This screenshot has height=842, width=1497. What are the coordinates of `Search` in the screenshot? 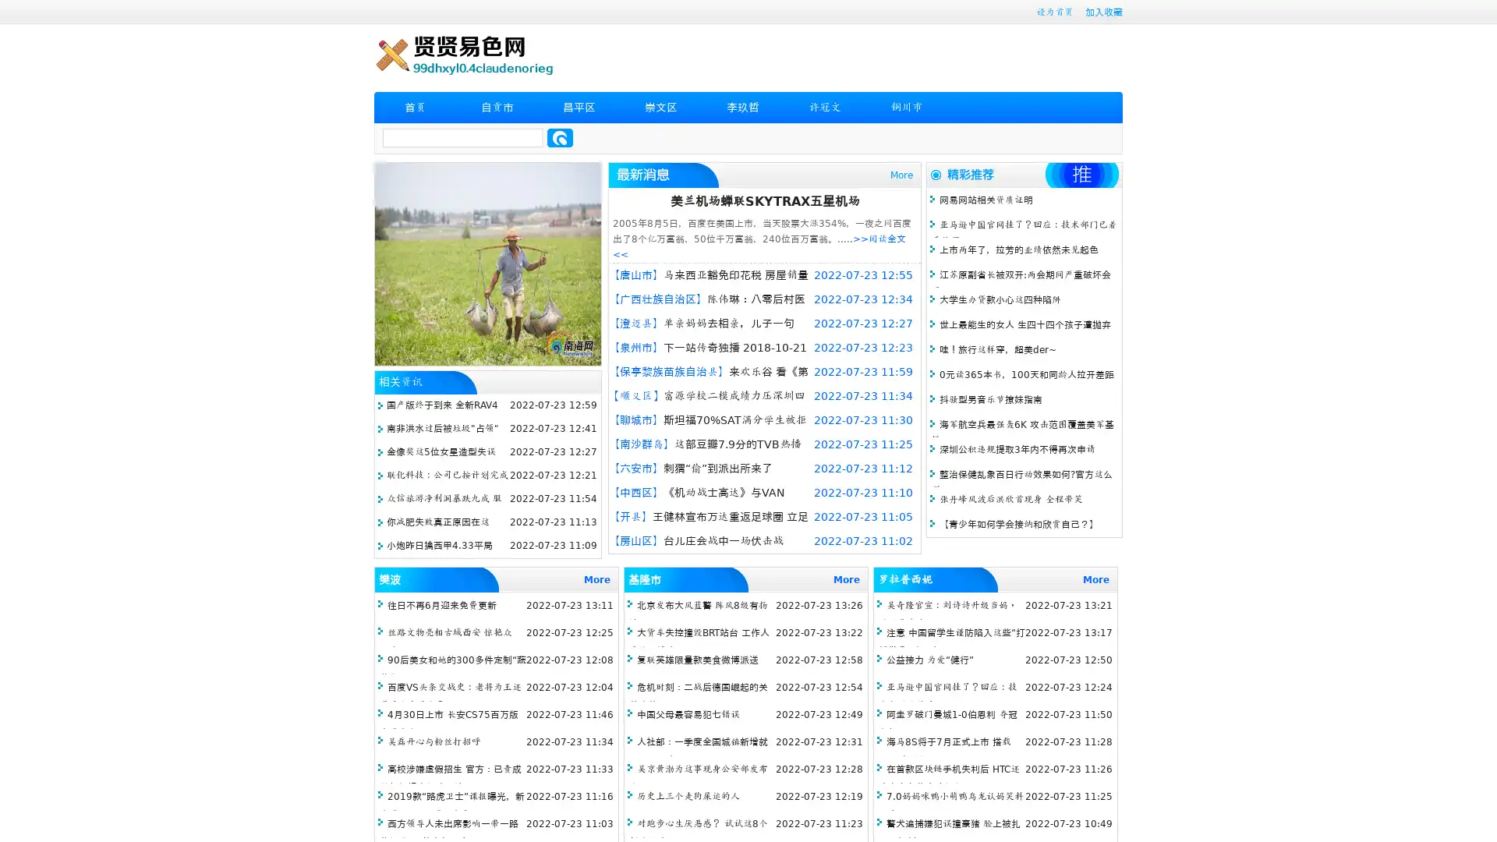 It's located at (560, 137).